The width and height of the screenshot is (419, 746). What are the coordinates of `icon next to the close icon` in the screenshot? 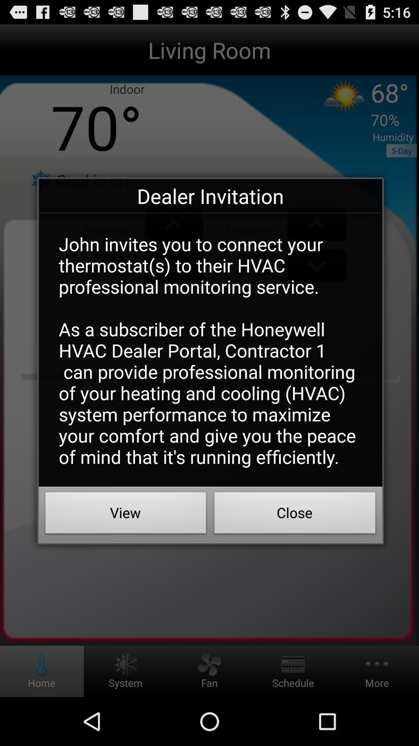 It's located at (125, 515).